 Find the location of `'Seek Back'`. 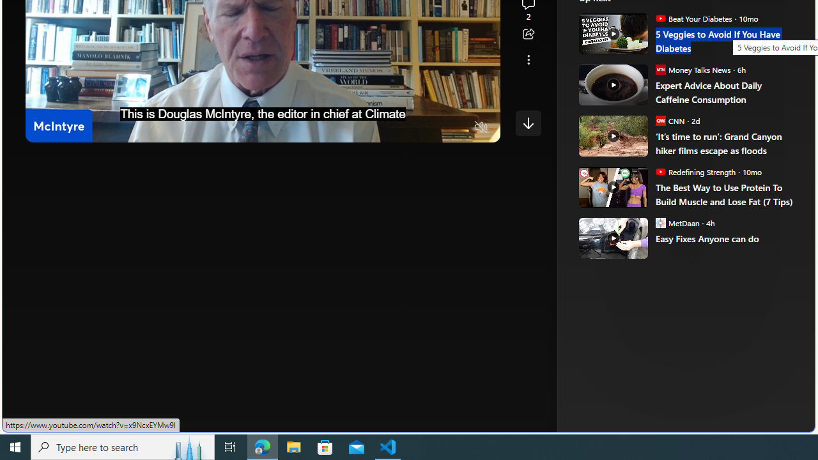

'Seek Back' is located at coordinates (70, 128).